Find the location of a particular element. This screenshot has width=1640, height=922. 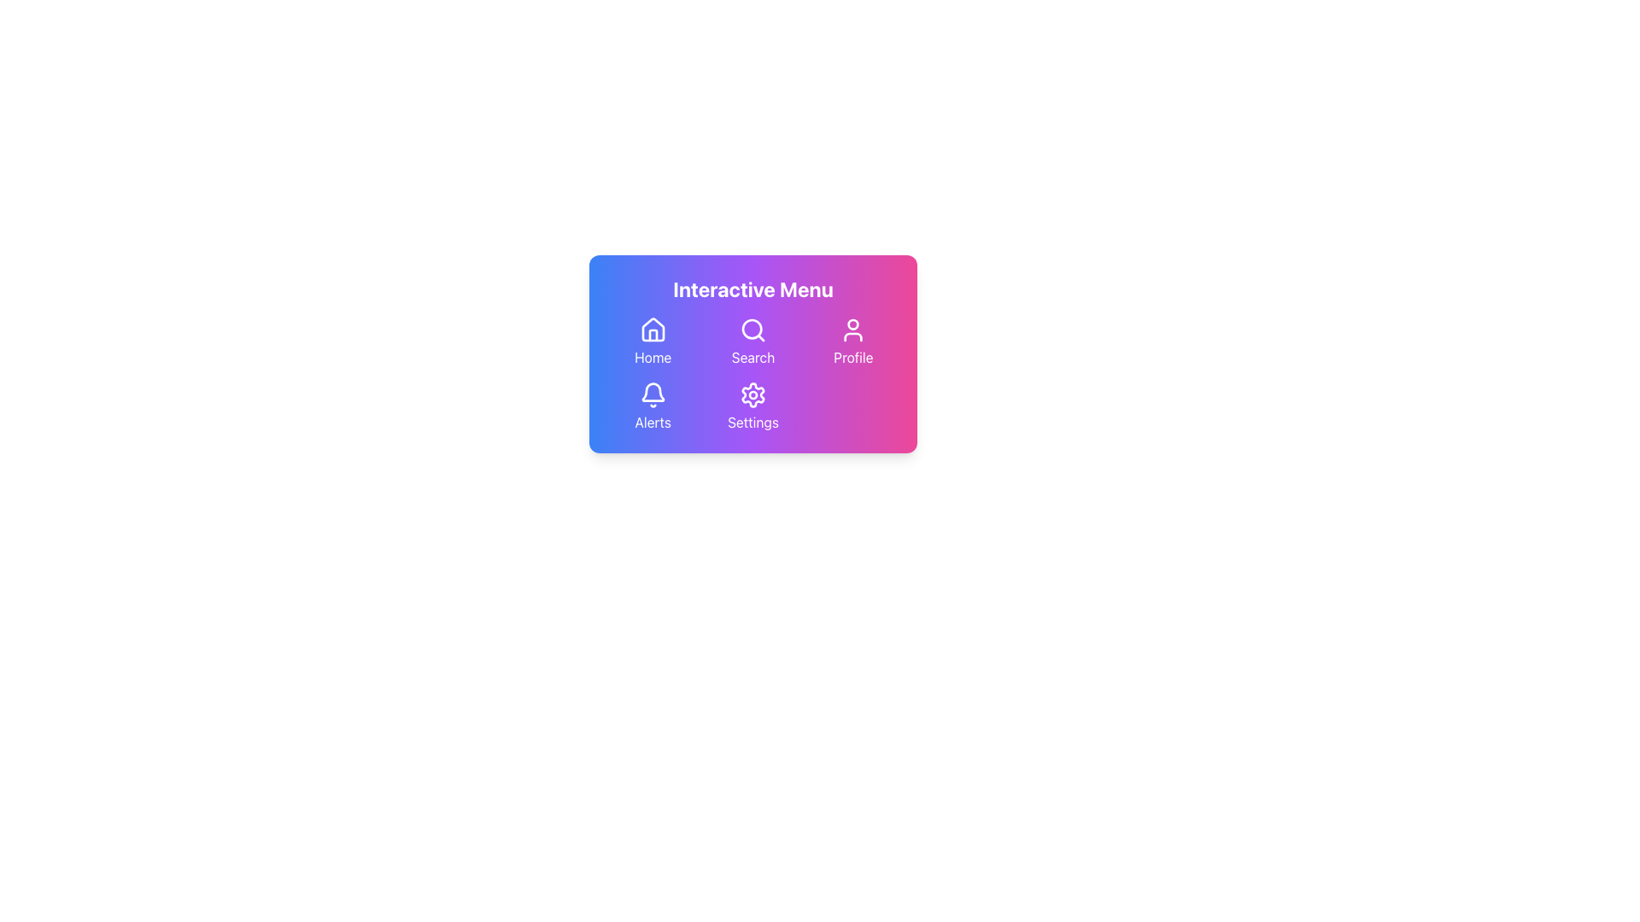

the search button icon located in the second row, first column of the interactive menu grid to initiate a search action is located at coordinates (753, 330).